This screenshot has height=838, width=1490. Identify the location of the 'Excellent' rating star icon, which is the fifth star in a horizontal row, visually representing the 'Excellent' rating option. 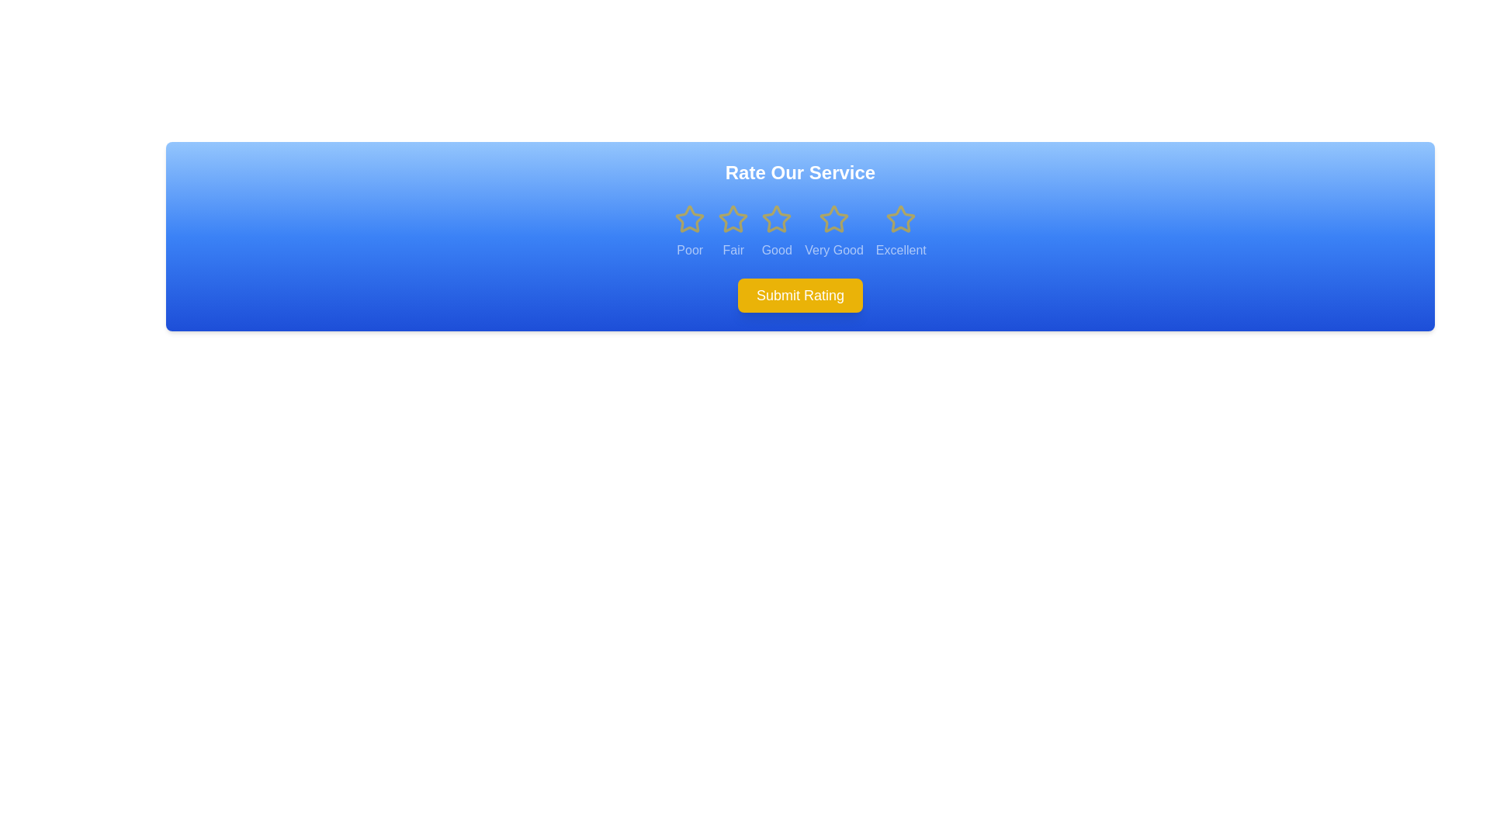
(901, 219).